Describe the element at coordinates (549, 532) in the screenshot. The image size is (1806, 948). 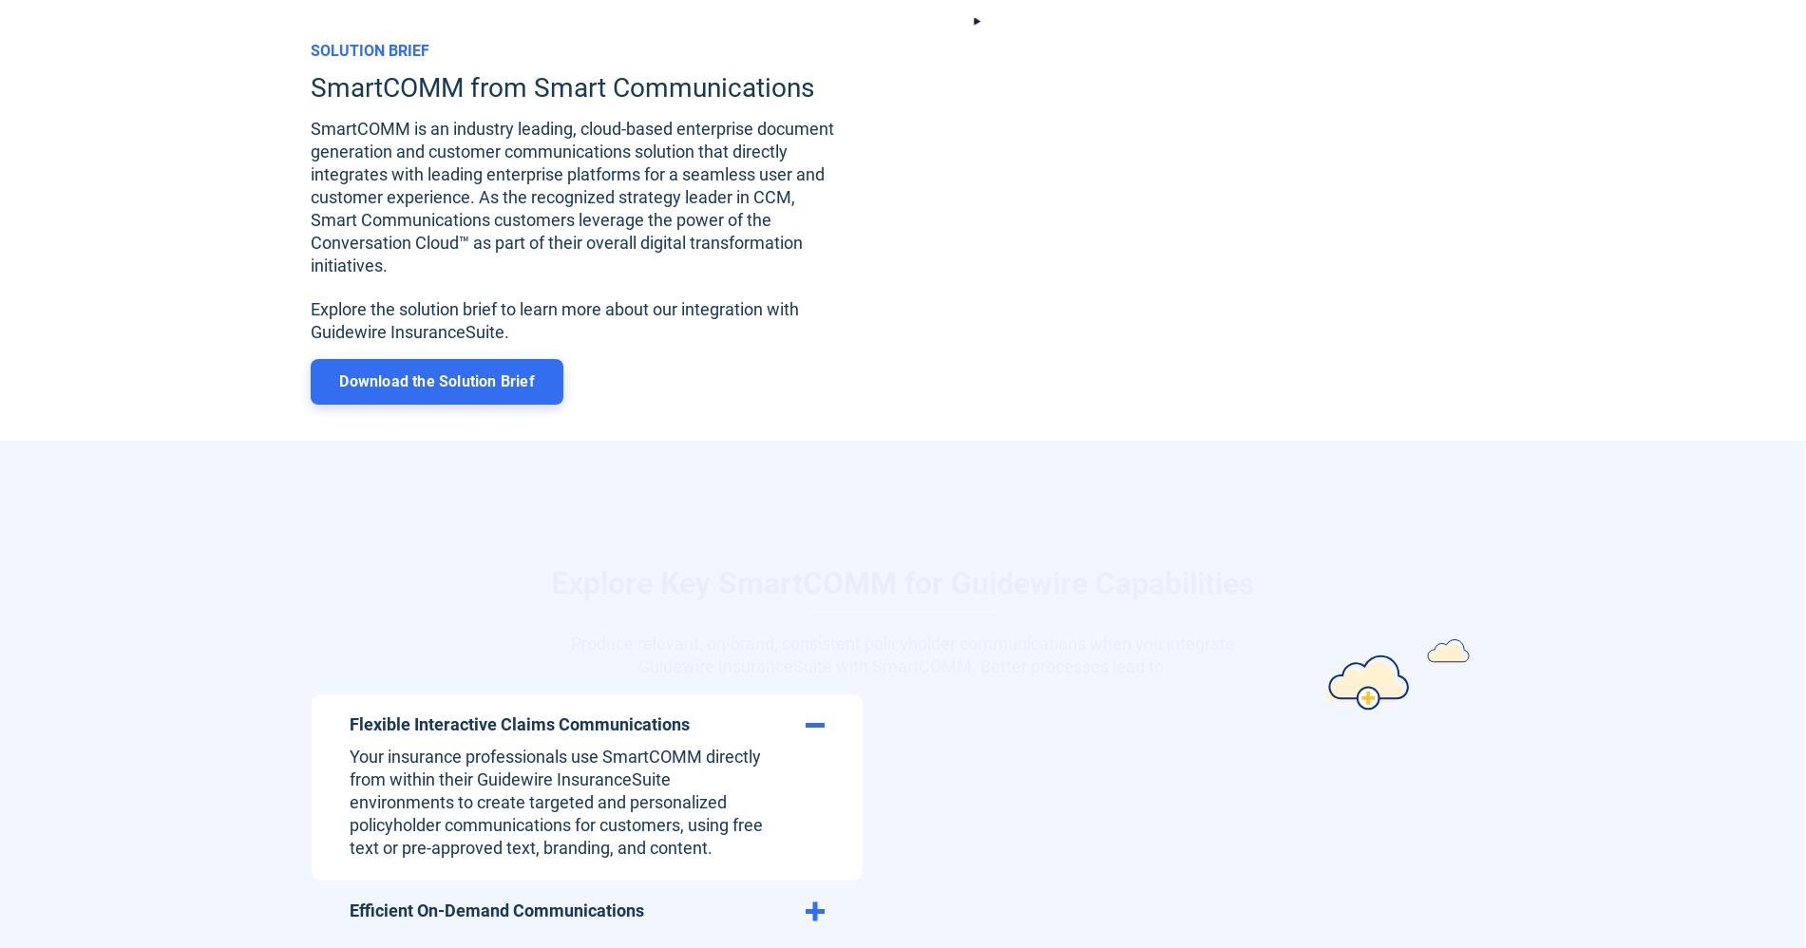
I see `'Explore Key SmartCOMM for Guidewire Capabilities'` at that location.